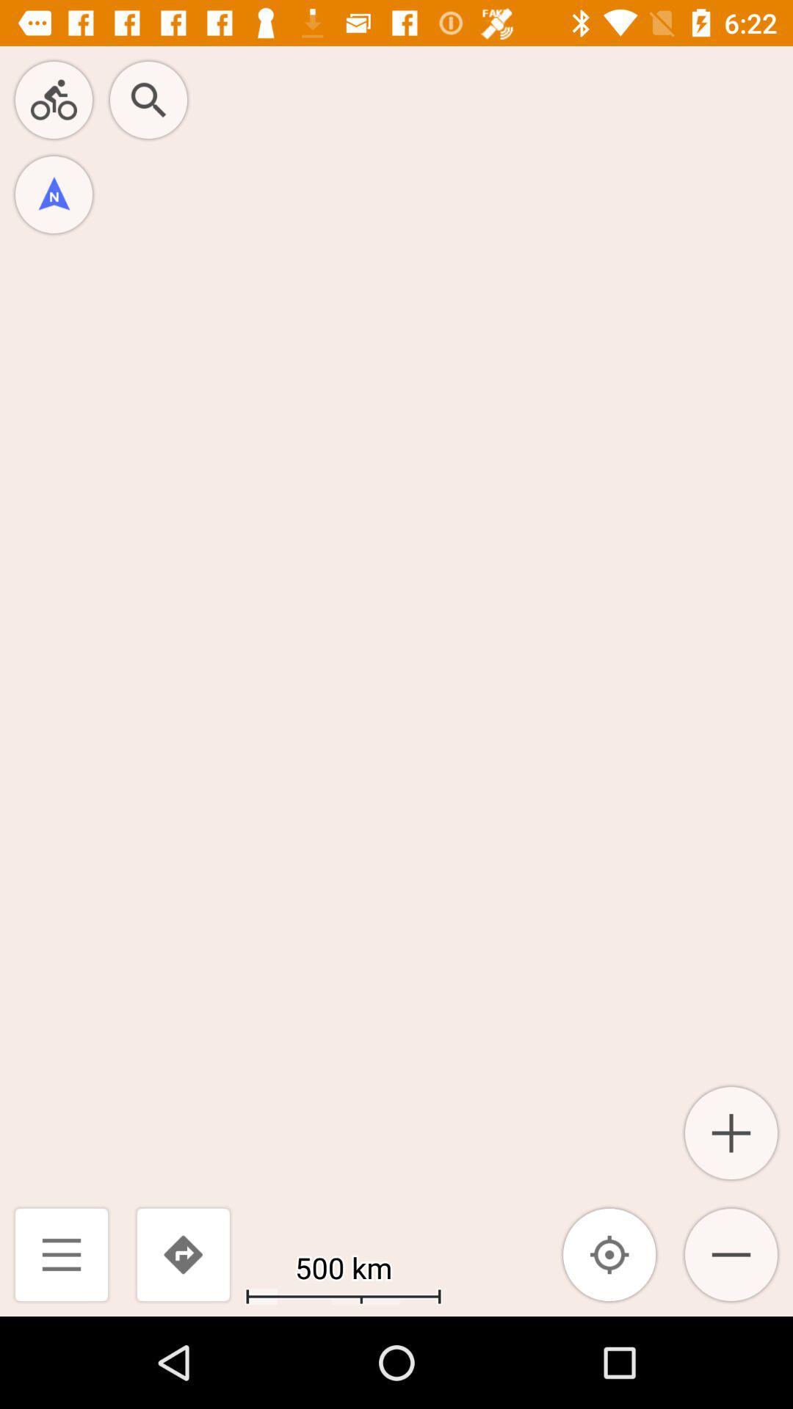 This screenshot has width=793, height=1409. I want to click on the navigation icon, so click(53, 194).